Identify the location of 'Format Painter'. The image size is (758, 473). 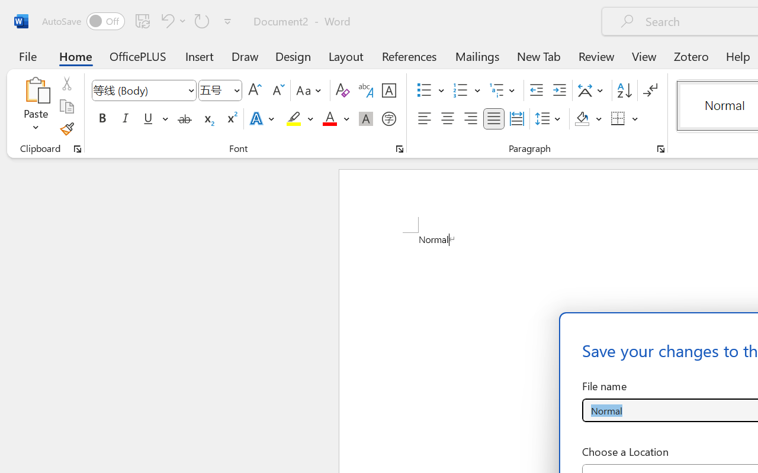
(66, 129).